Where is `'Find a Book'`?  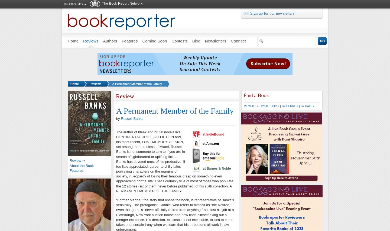 'Find a Book' is located at coordinates (256, 95).